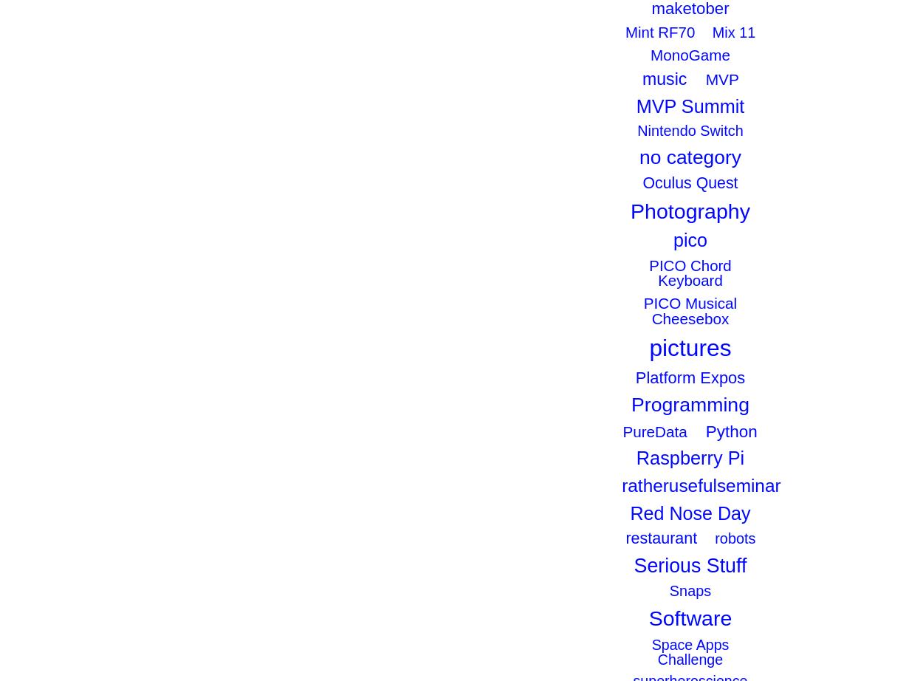  What do you see at coordinates (734, 538) in the screenshot?
I see `'robots'` at bounding box center [734, 538].